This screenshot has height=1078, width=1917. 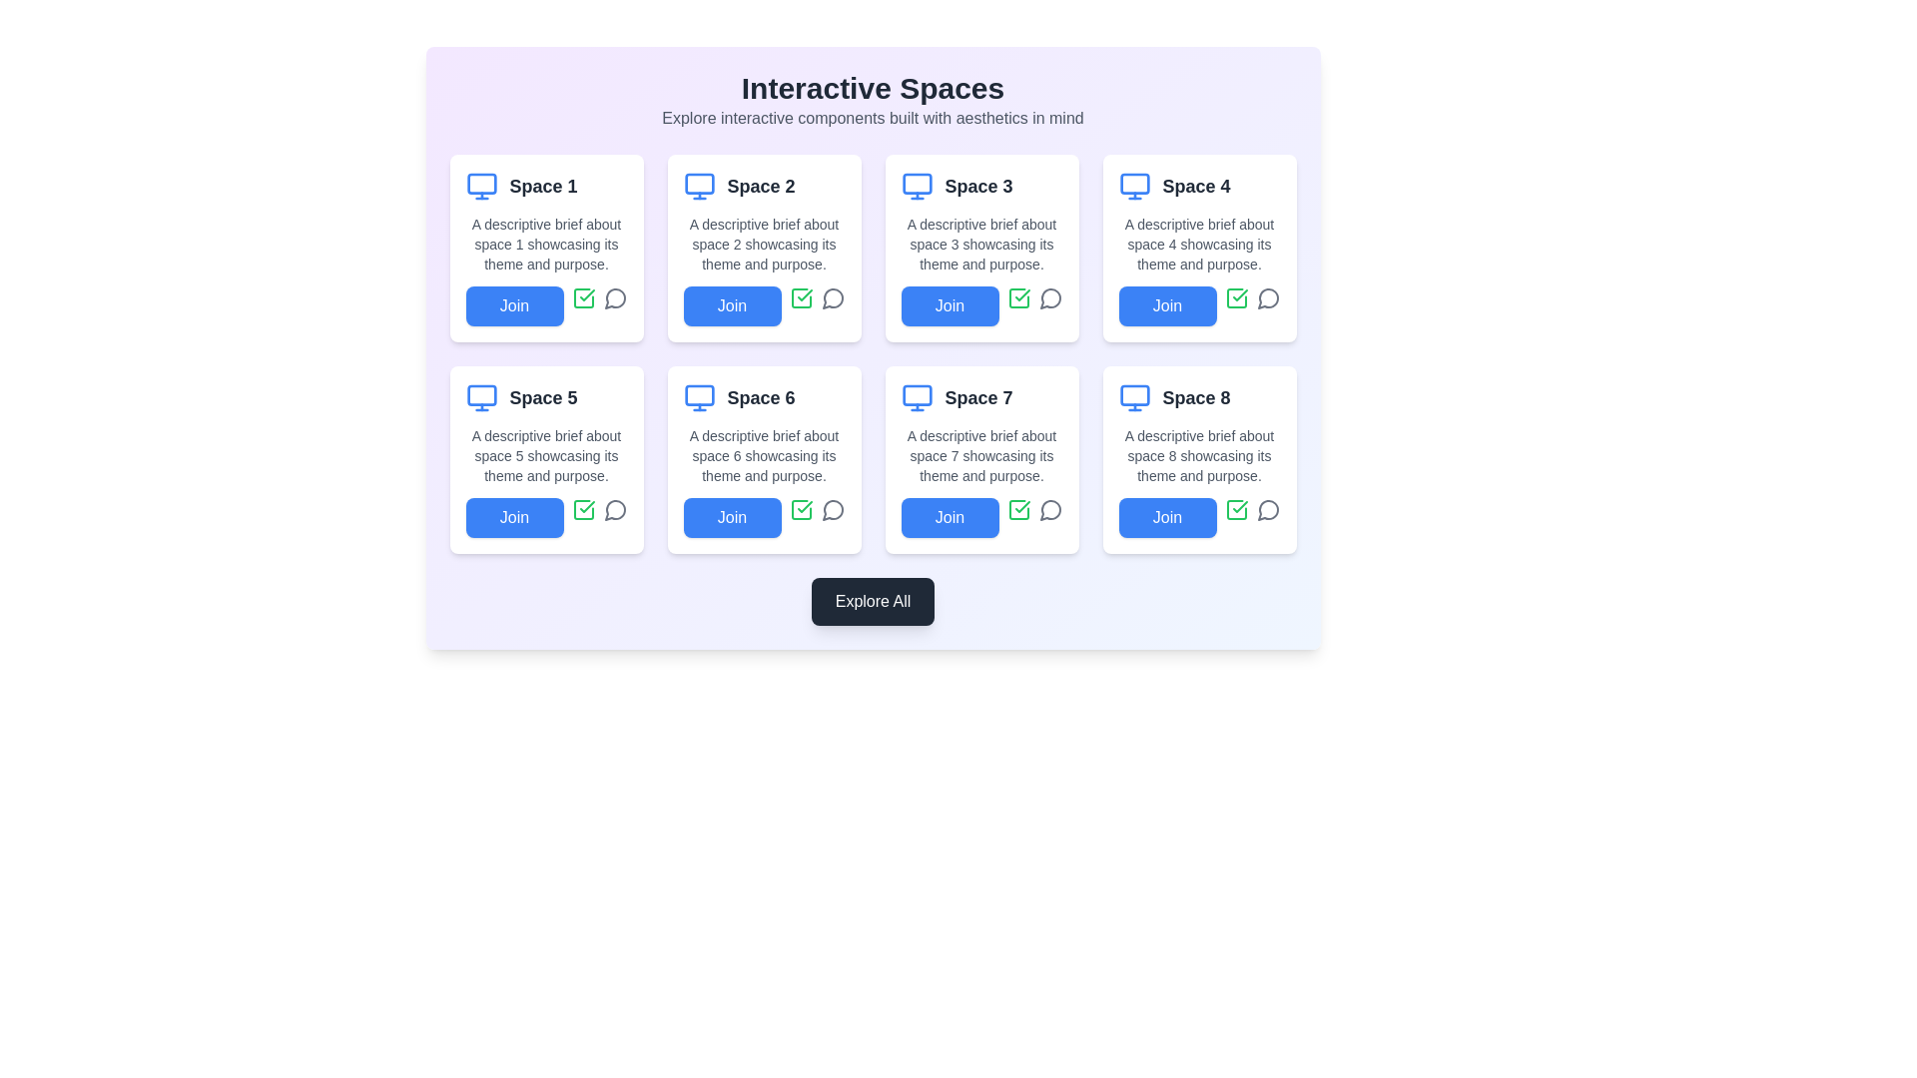 What do you see at coordinates (981, 517) in the screenshot?
I see `the blue 'Join' button located in the bottom section of the 'Space 7' card` at bounding box center [981, 517].